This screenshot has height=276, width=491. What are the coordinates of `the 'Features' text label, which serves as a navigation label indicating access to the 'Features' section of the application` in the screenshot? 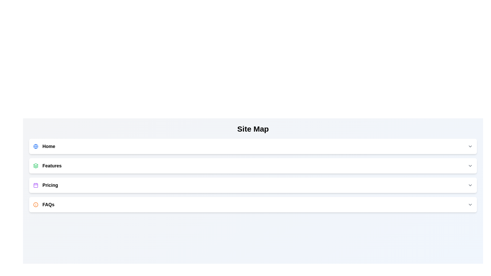 It's located at (52, 166).